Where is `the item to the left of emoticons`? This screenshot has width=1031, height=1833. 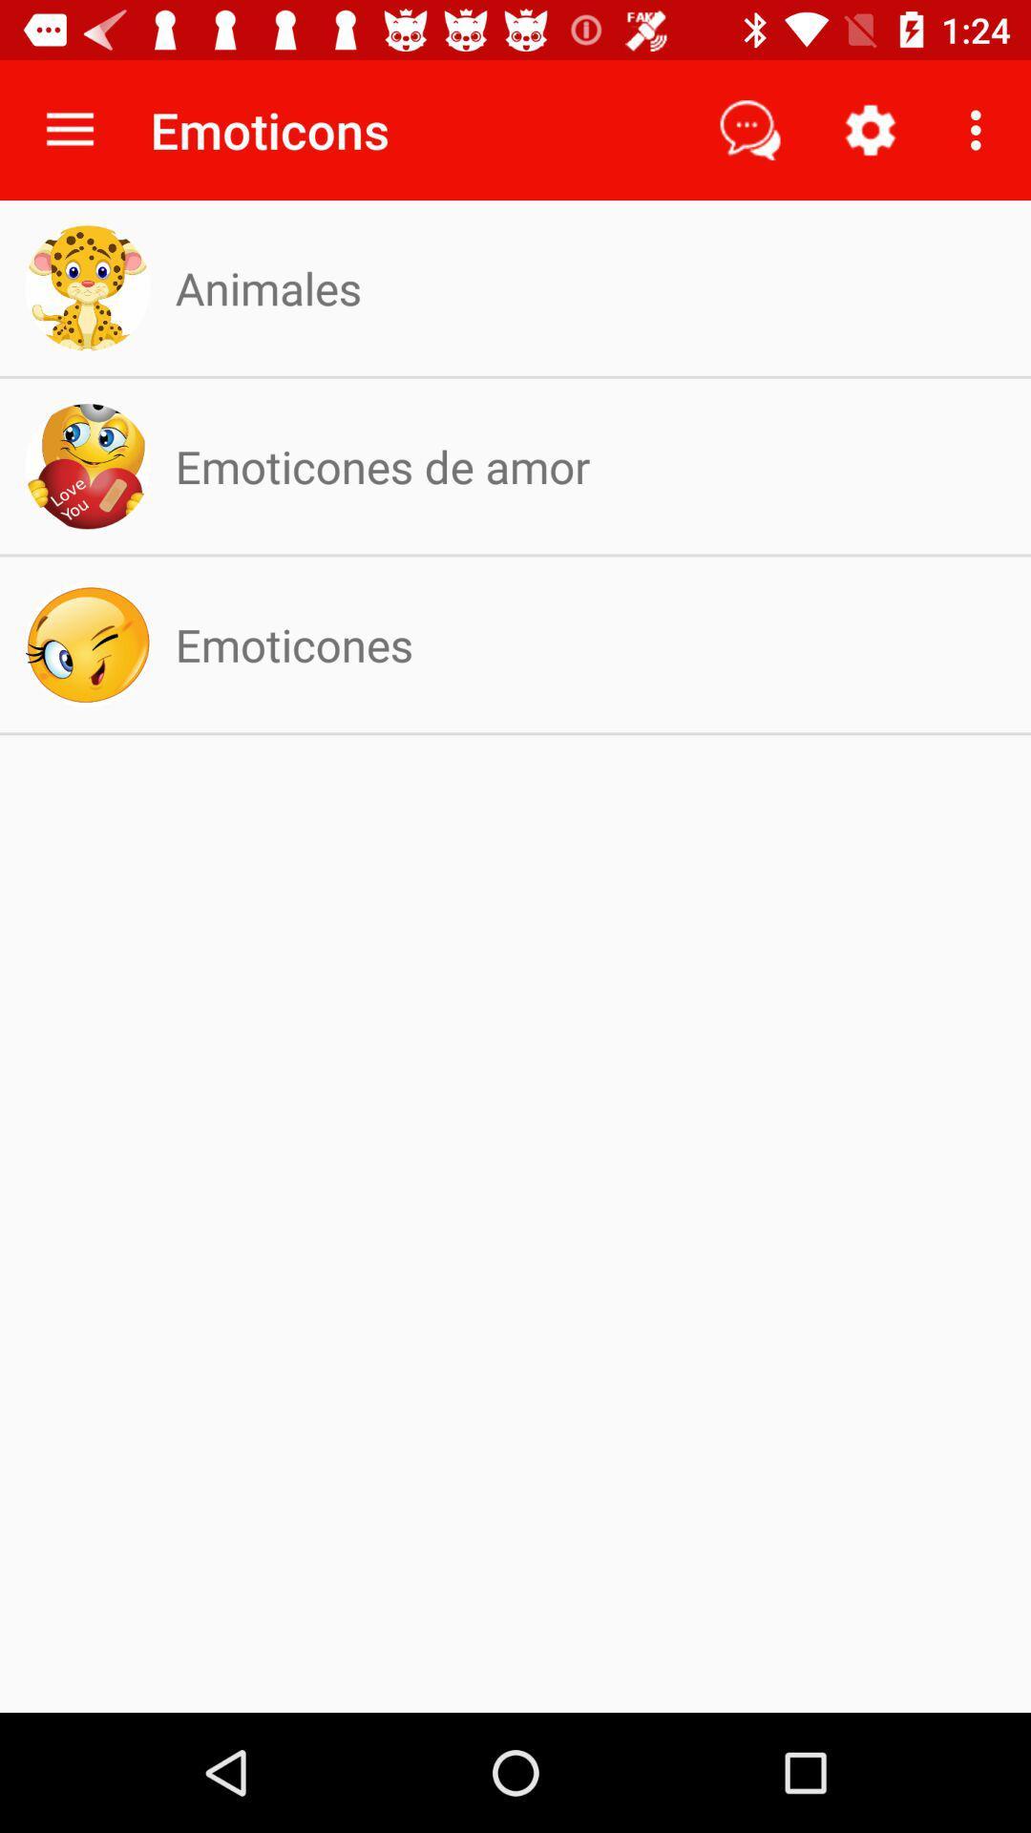
the item to the left of emoticons is located at coordinates (69, 129).